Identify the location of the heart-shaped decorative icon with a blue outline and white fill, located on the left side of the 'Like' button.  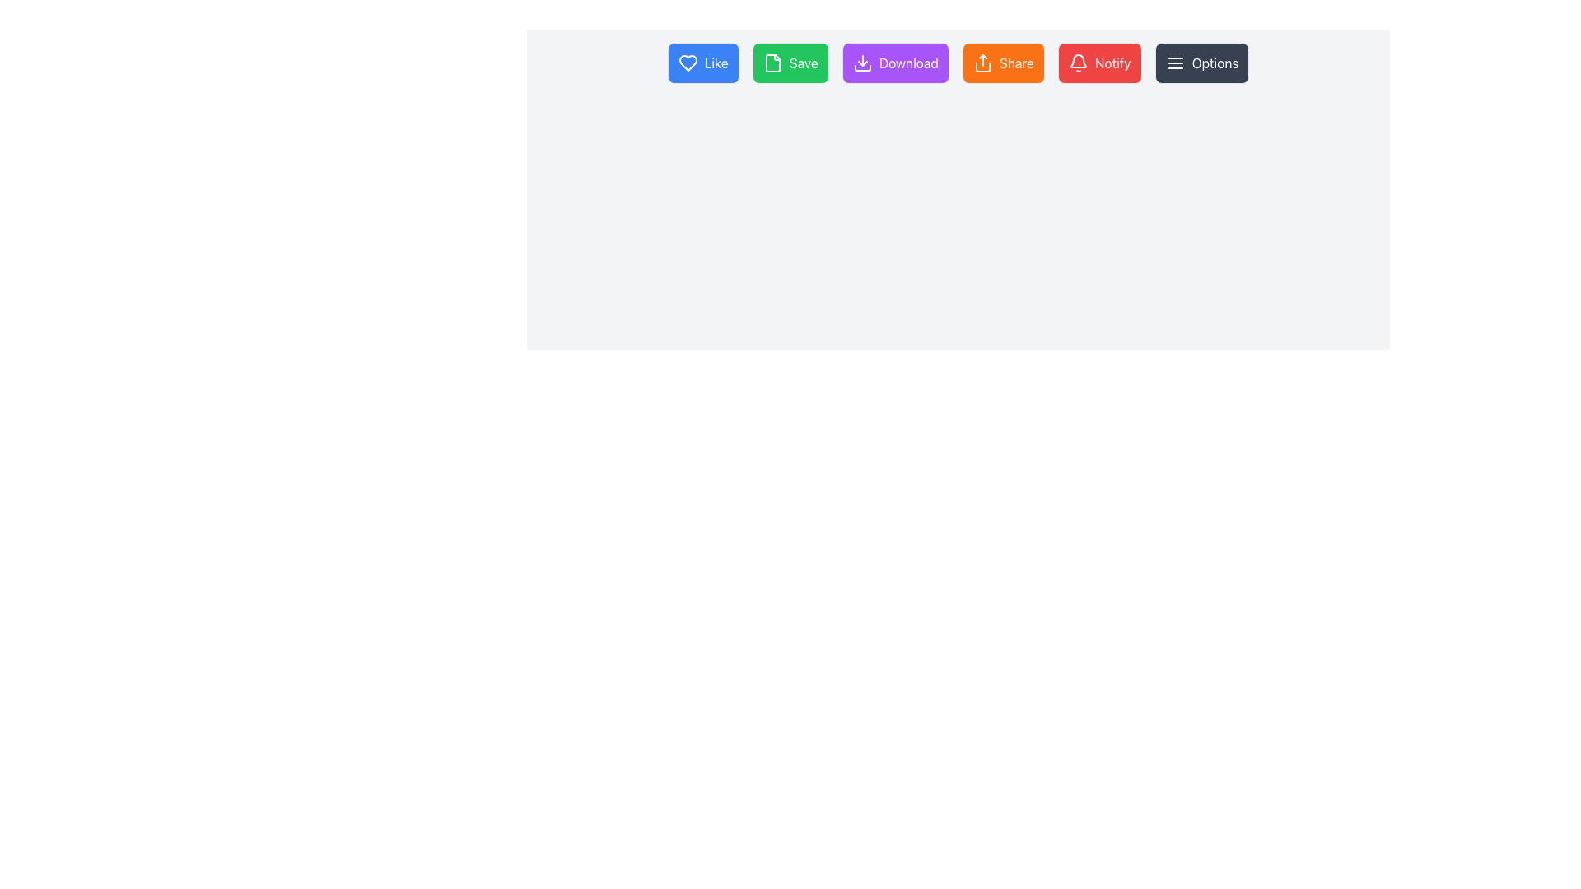
(688, 63).